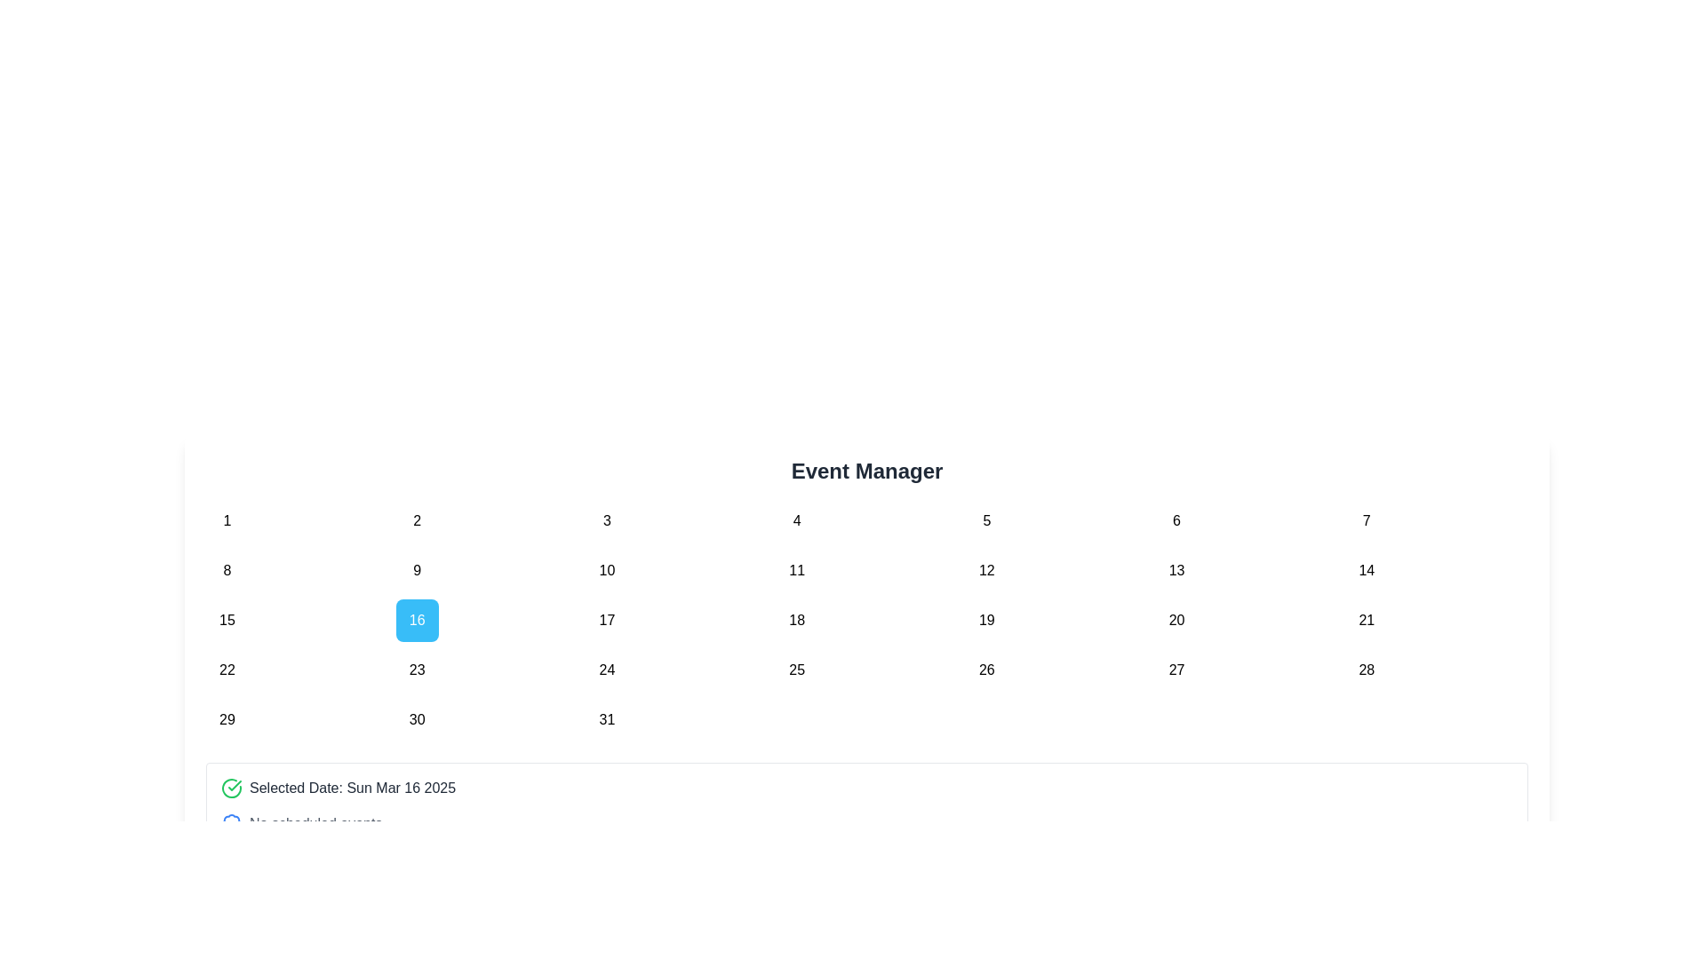  Describe the element at coordinates (416, 519) in the screenshot. I see `the selectable day button in the calendar interface, which is the second button in the first row of a grid layout` at that location.